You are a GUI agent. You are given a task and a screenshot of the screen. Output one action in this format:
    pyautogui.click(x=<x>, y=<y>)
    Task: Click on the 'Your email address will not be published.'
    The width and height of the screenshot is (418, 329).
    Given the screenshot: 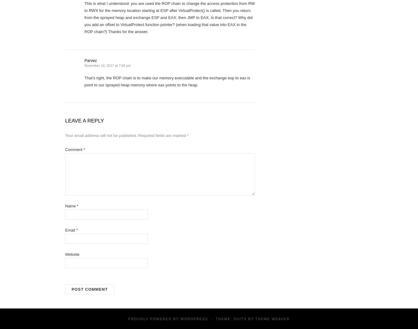 What is the action you would take?
    pyautogui.click(x=65, y=135)
    